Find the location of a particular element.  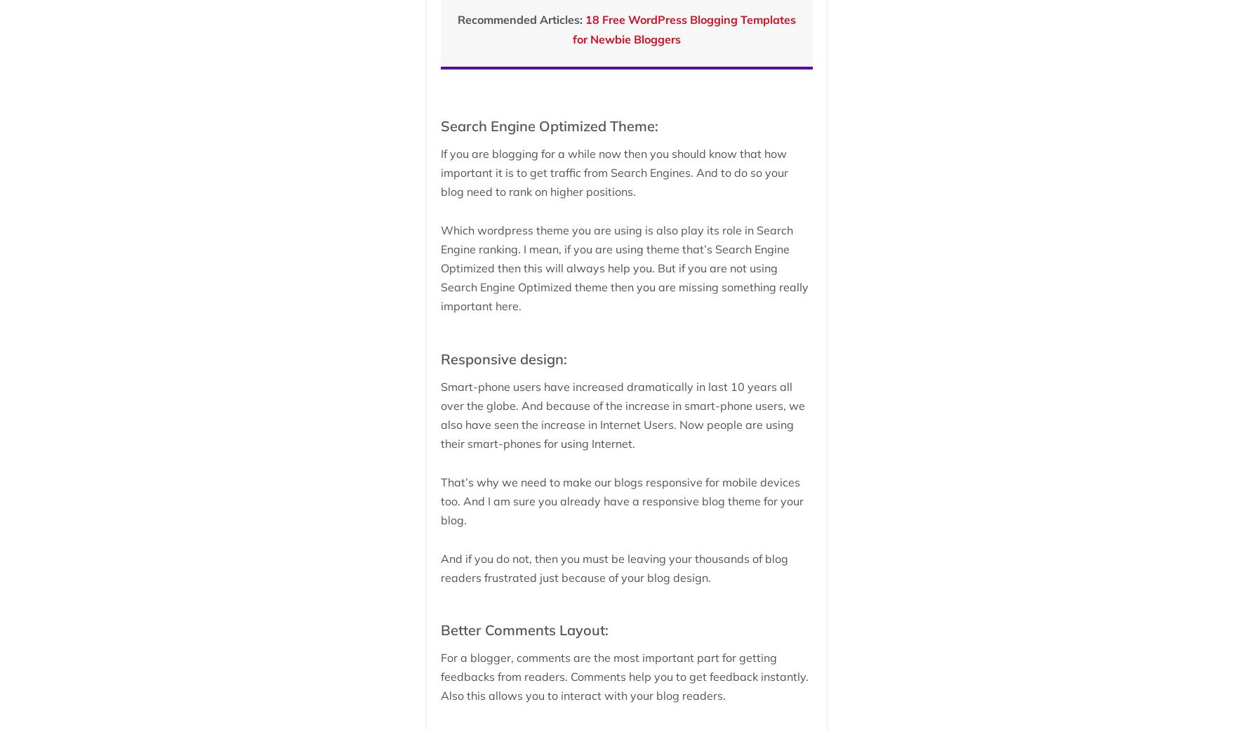

'Recommended Articles:' is located at coordinates (520, 18).